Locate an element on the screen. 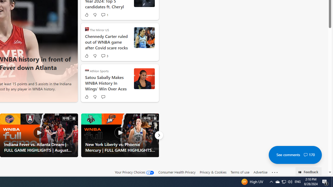 The width and height of the screenshot is (333, 187). 'Consumer Health Privacy' is located at coordinates (177, 172).